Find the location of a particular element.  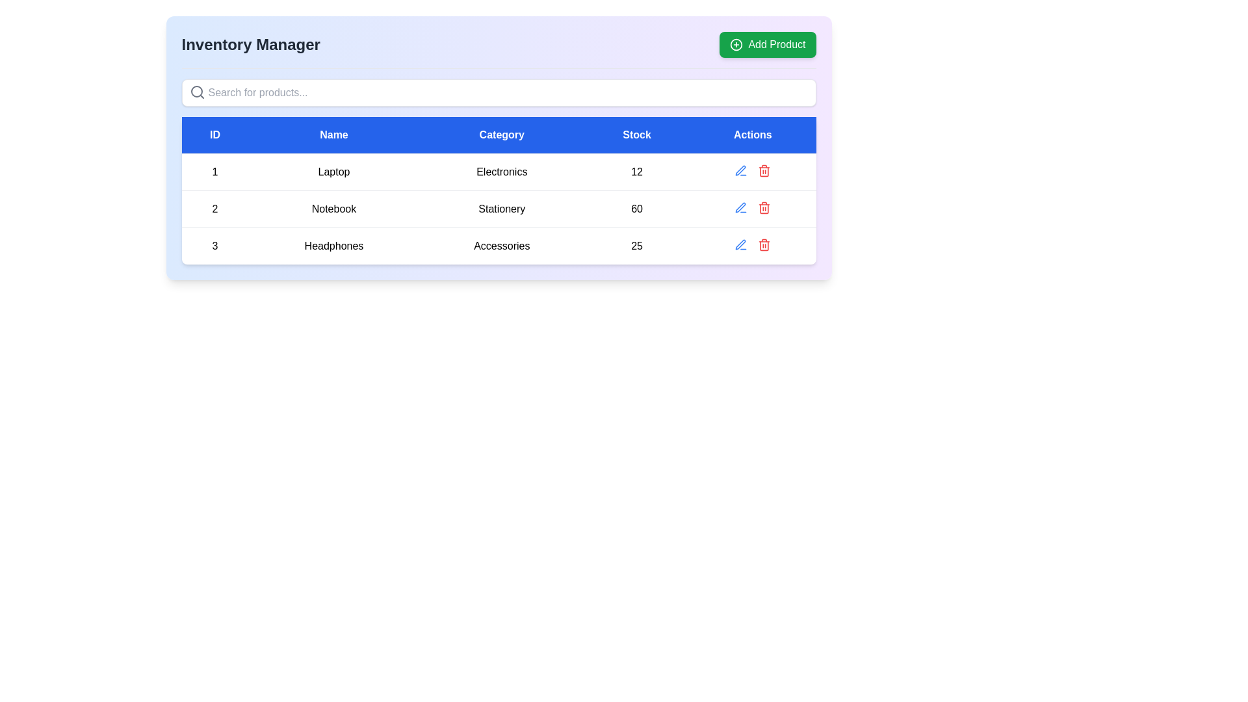

the 'Headphones' text label located in the 'Name' column of the third row of the table is located at coordinates (333, 246).